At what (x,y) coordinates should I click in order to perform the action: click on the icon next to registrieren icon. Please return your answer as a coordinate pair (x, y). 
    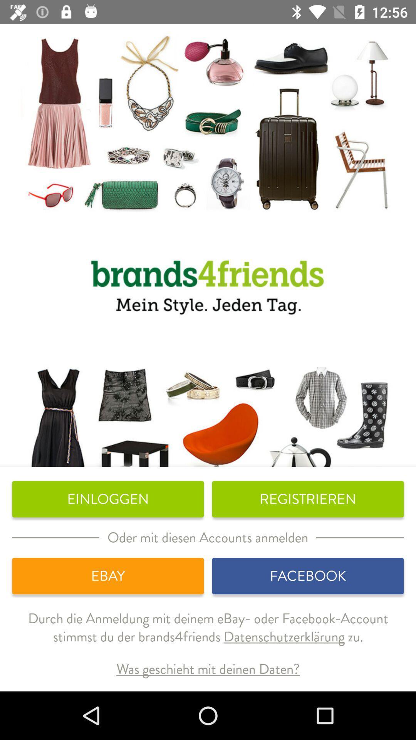
    Looking at the image, I should click on (108, 499).